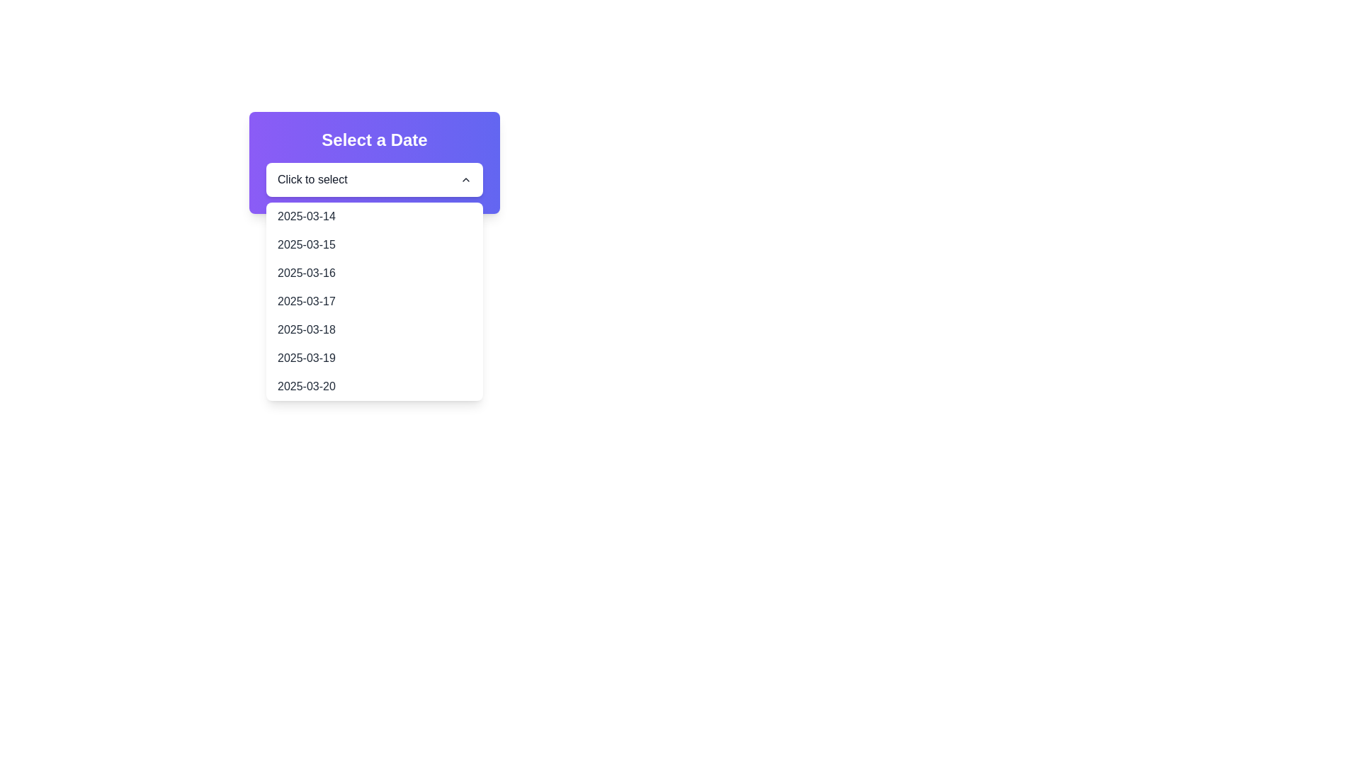  Describe the element at coordinates (374, 300) in the screenshot. I see `the fourth date item in the dropdown menu` at that location.